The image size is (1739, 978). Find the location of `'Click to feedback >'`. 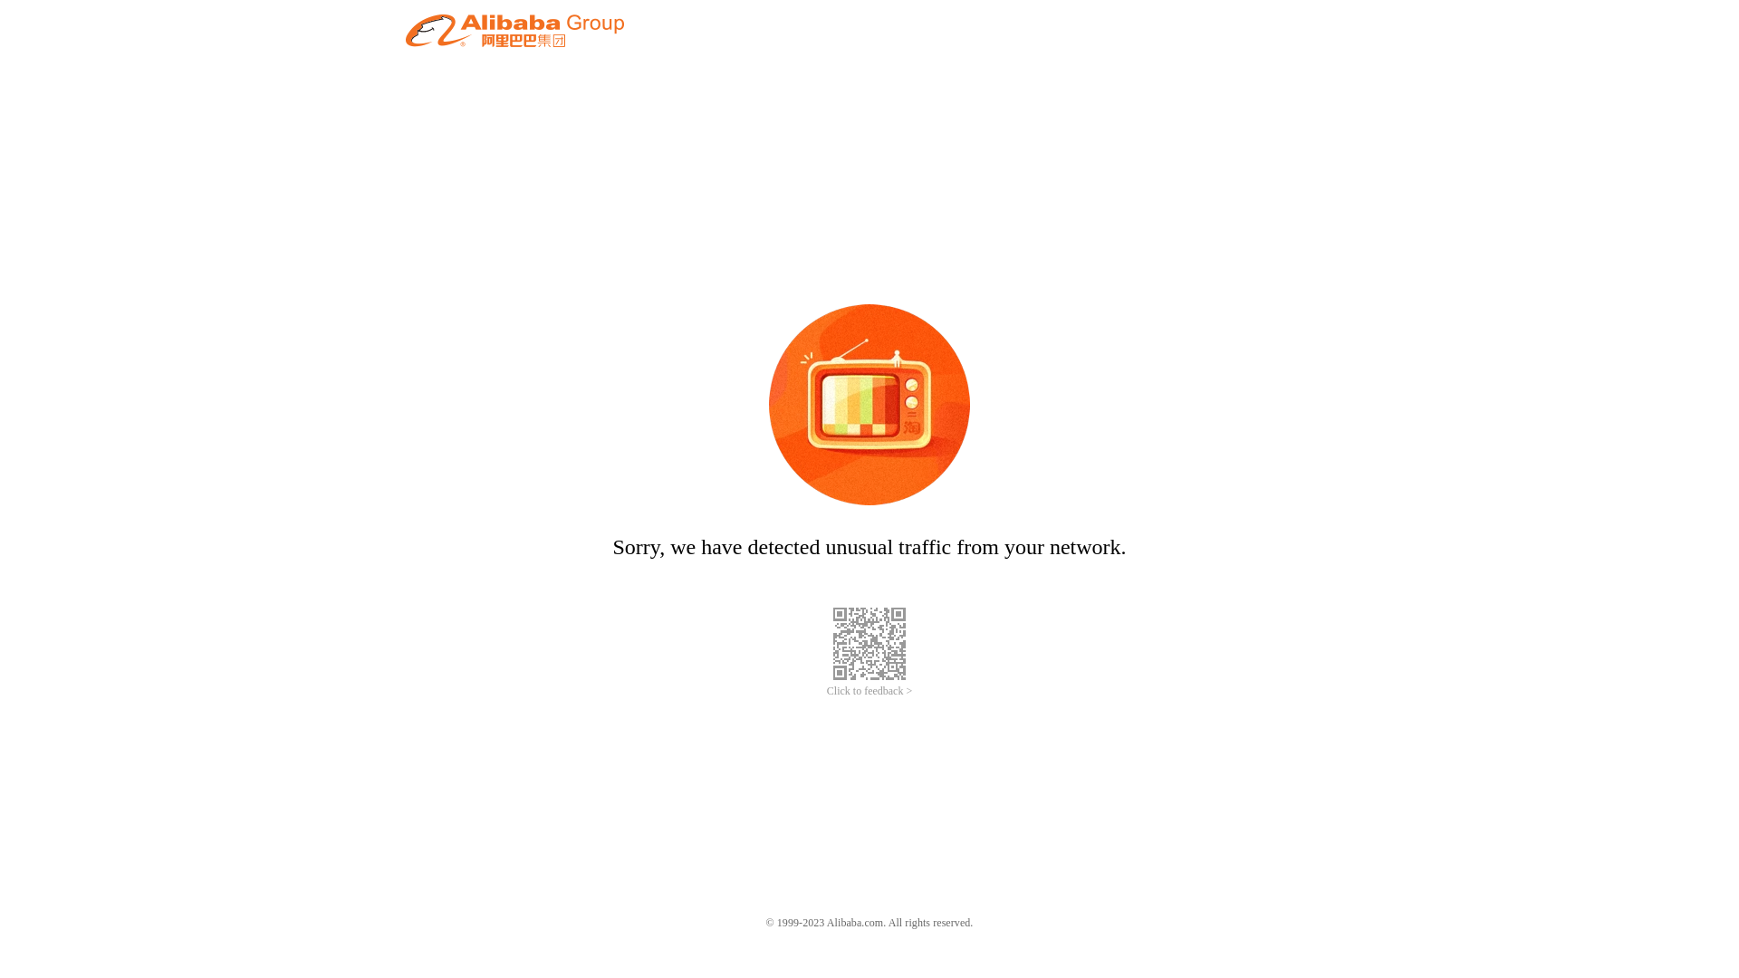

'Click to feedback >' is located at coordinates (869, 691).